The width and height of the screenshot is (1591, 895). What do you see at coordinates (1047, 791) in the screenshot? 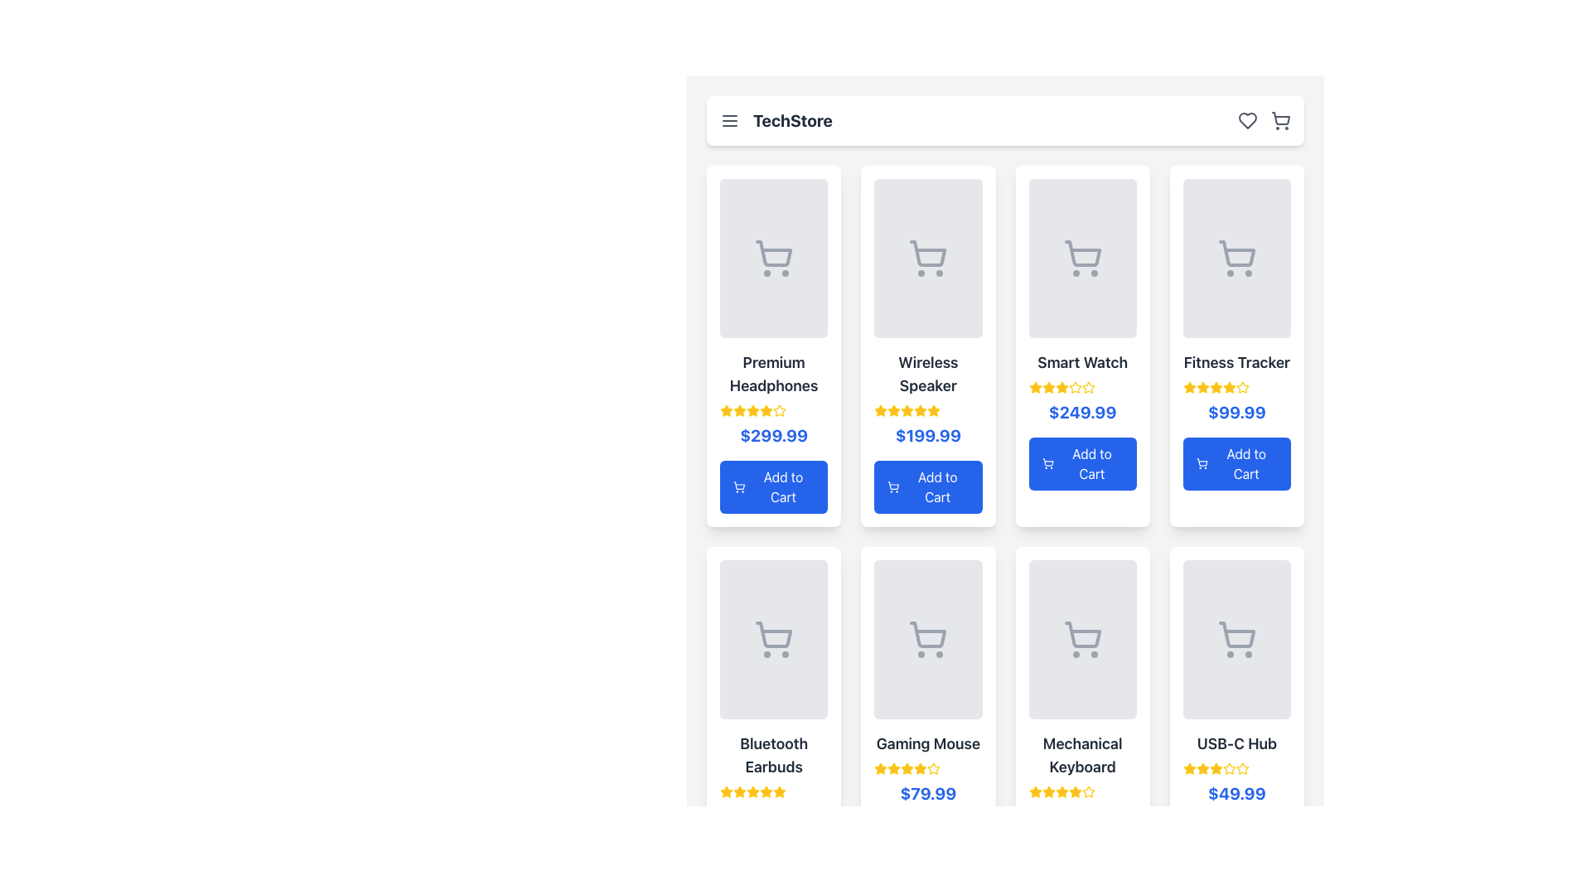
I see `the third star icon in the rating display for the 'Mechanical Keyboard' product in the 'TechStore' interface` at bounding box center [1047, 791].